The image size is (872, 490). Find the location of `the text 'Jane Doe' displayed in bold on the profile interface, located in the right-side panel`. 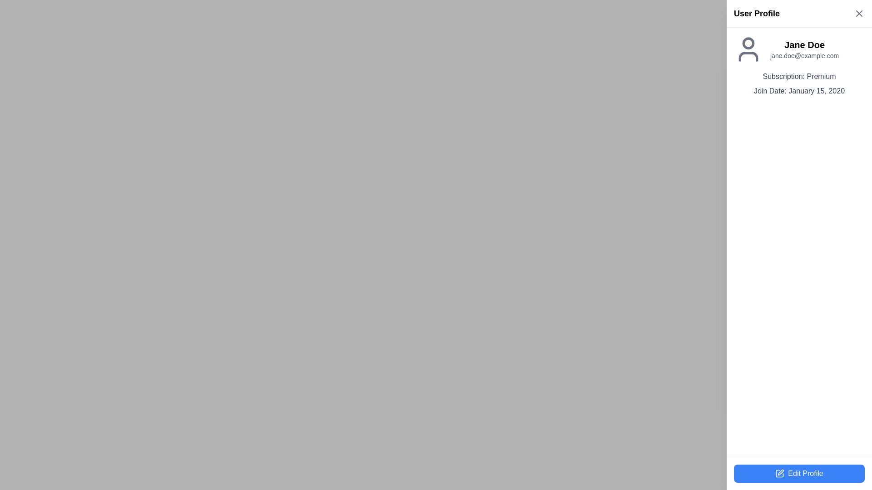

the text 'Jane Doe' displayed in bold on the profile interface, located in the right-side panel is located at coordinates (804, 49).